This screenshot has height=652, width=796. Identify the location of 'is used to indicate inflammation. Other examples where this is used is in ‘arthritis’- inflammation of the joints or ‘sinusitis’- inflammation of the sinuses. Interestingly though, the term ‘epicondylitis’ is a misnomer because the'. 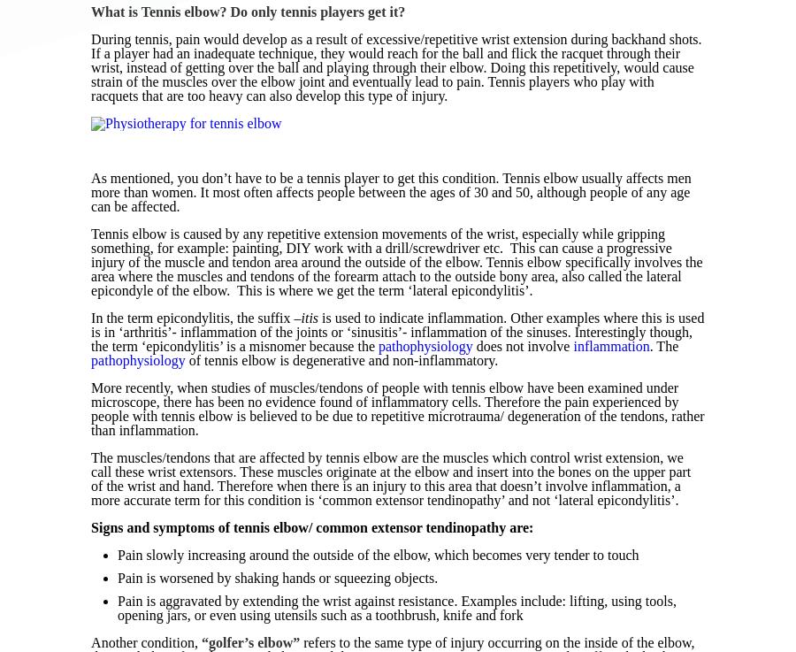
(397, 332).